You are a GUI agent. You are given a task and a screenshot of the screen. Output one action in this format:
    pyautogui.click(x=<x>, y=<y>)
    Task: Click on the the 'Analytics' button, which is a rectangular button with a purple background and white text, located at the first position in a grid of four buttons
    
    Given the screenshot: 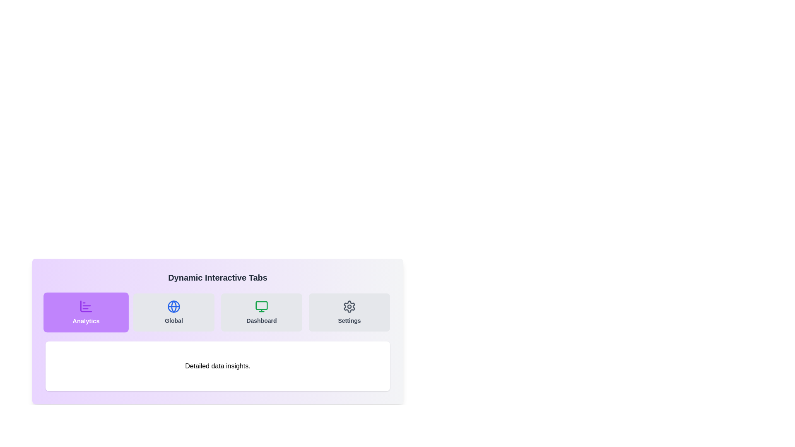 What is the action you would take?
    pyautogui.click(x=86, y=312)
    